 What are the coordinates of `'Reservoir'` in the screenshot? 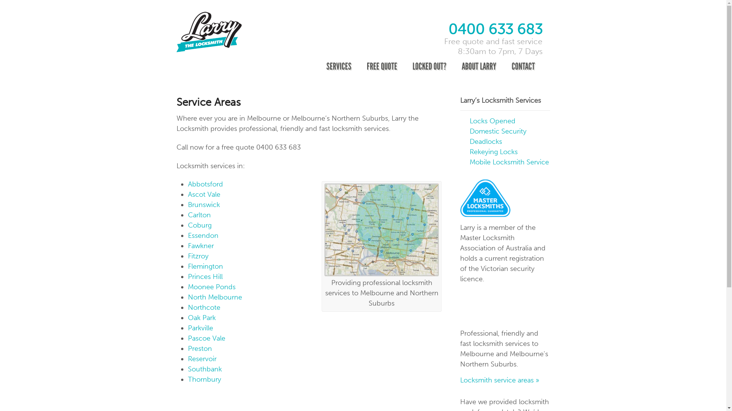 It's located at (202, 358).